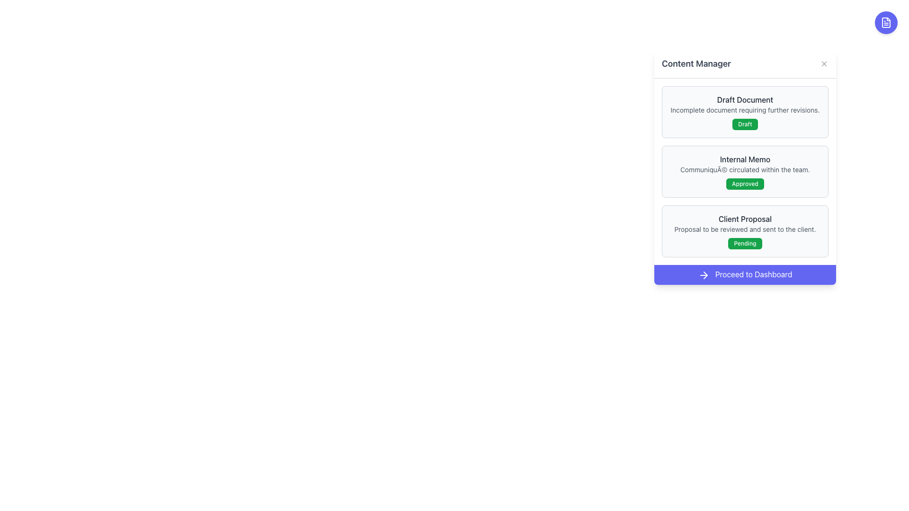 This screenshot has height=511, width=909. I want to click on the navigation button at the bottom of the 'Content Manager' modal to trigger visual feedback, so click(745, 274).